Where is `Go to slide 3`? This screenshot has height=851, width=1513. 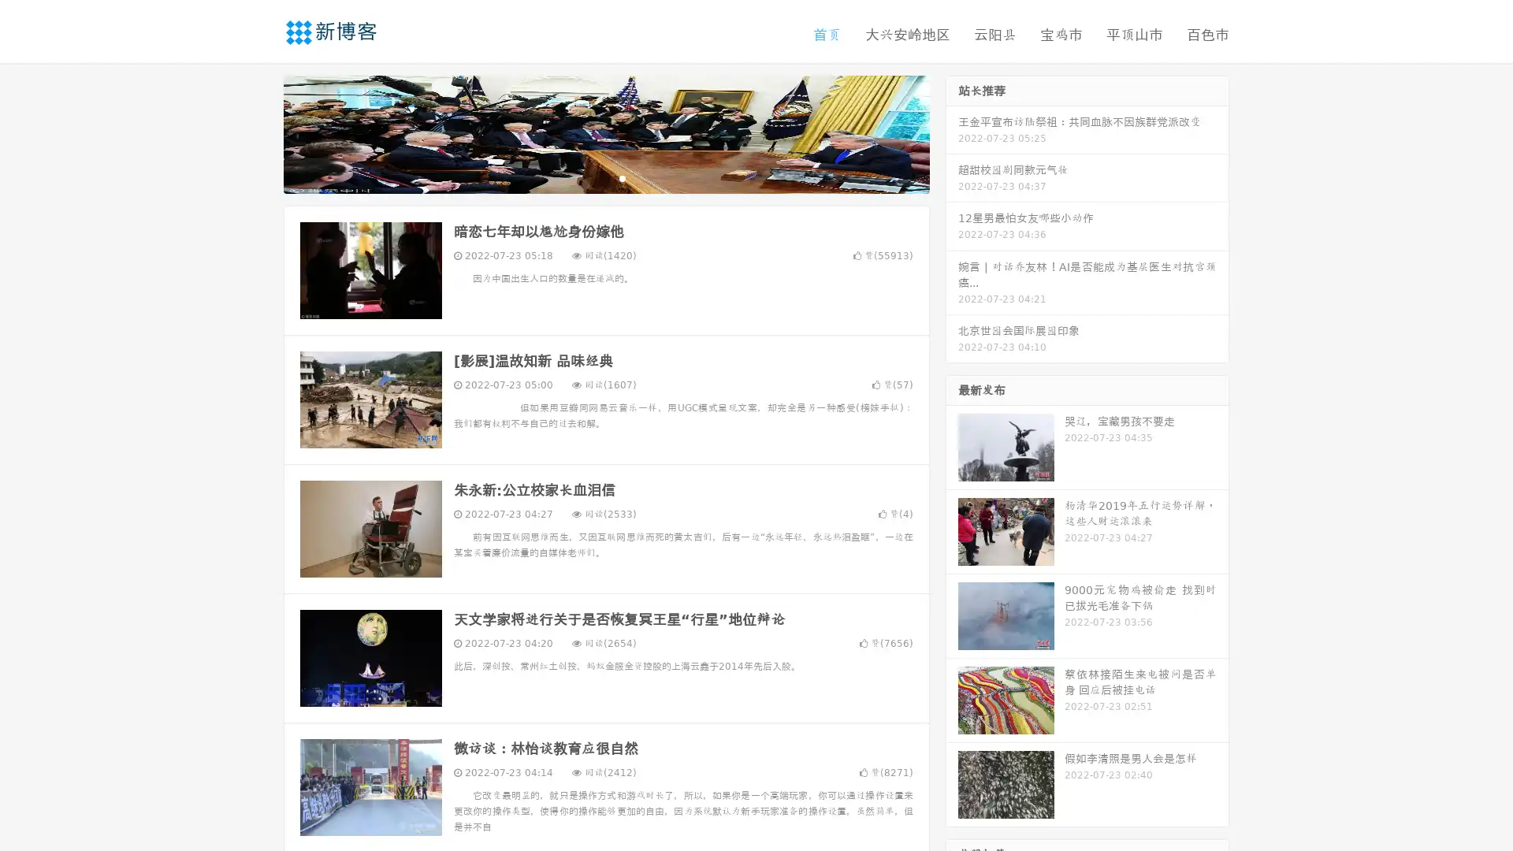 Go to slide 3 is located at coordinates (622, 177).